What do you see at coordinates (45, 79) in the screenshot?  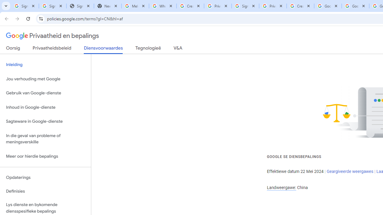 I see `'Jou verhouding met Google'` at bounding box center [45, 79].